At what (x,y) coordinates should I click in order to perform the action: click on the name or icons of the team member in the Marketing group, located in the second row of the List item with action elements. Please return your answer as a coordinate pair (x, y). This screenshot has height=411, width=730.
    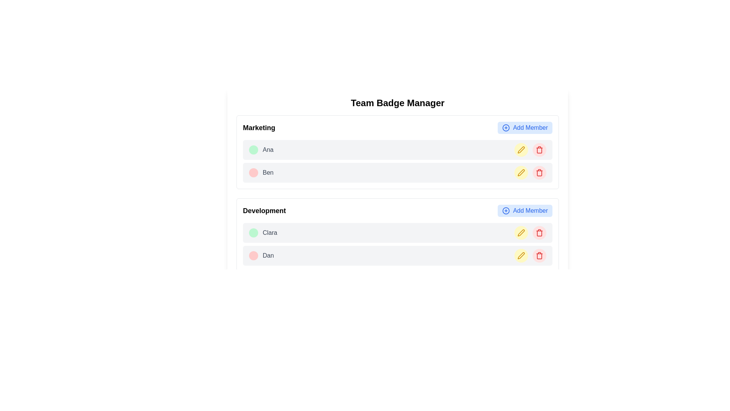
    Looking at the image, I should click on (397, 173).